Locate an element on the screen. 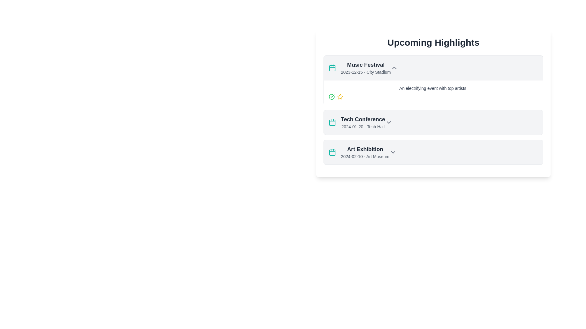 Image resolution: width=586 pixels, height=329 pixels. the yellow star icon with an outlined shape and a hollow center, located to the left of the 'Music Festival' event description in the 'Upcoming Highlights' section is located at coordinates (340, 96).